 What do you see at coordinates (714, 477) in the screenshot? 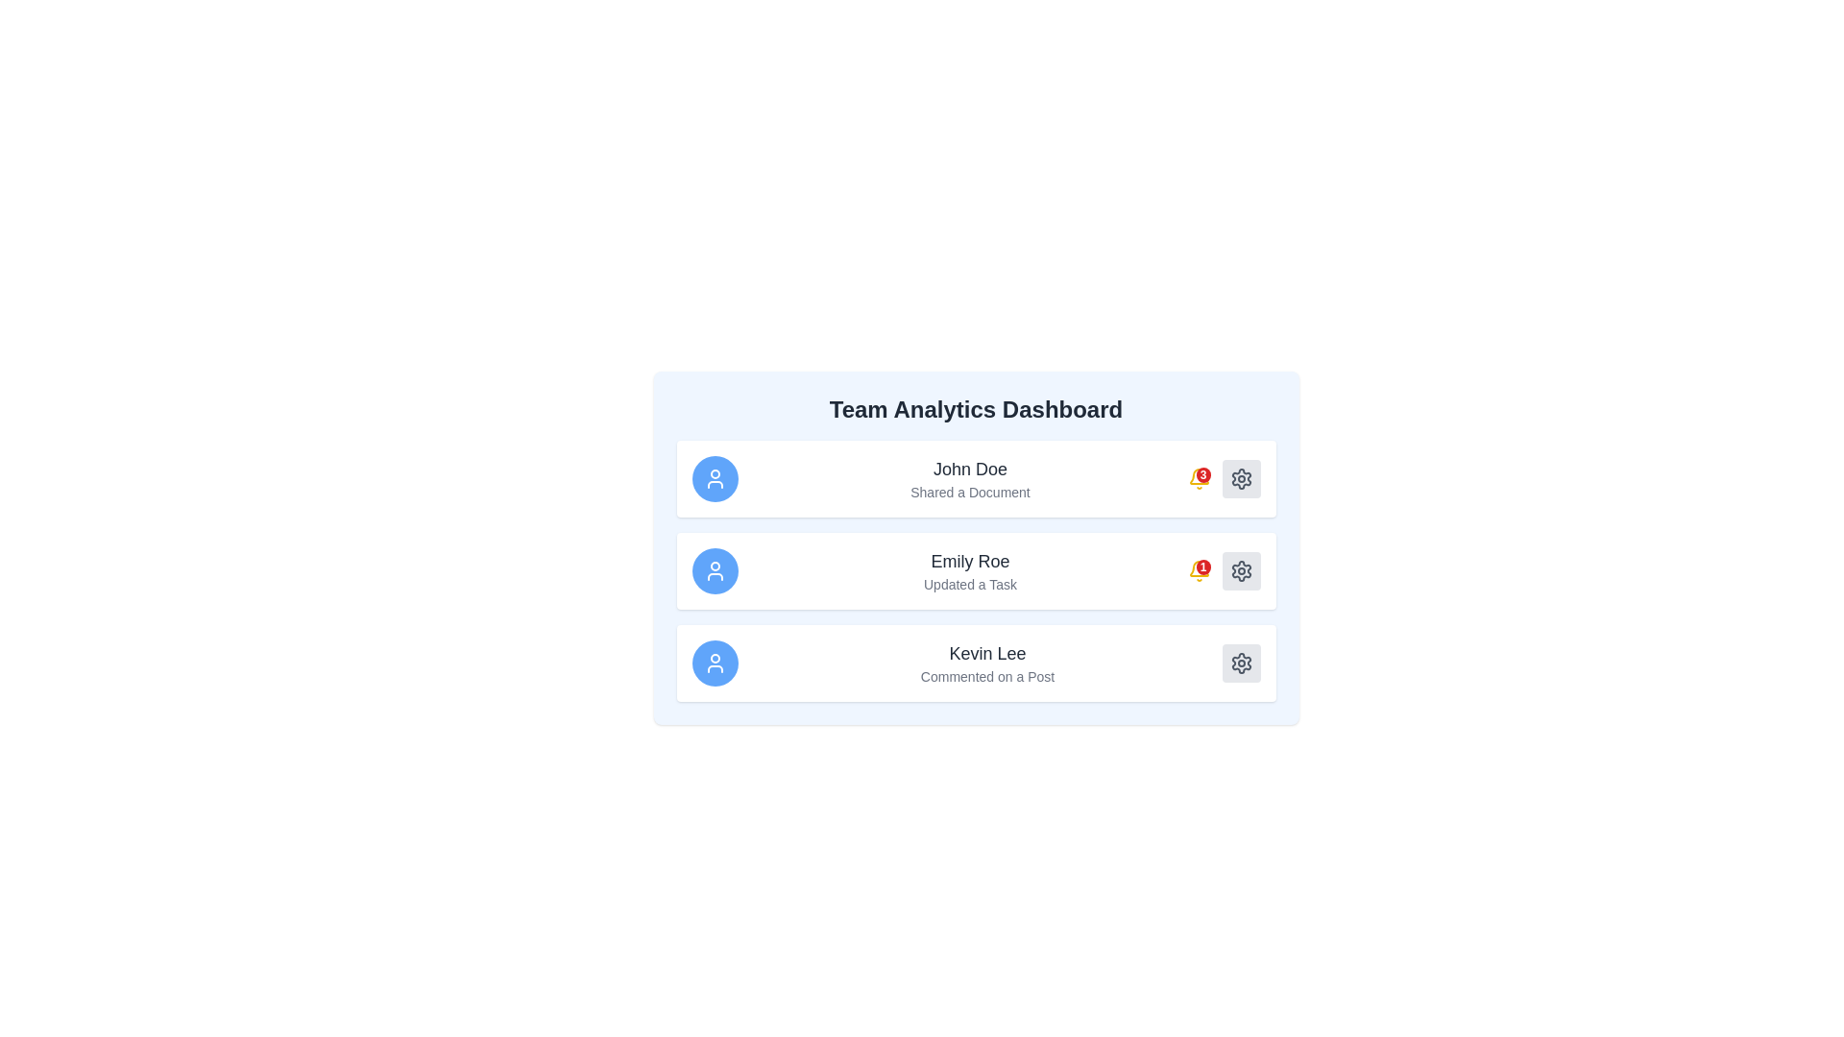
I see `the circular blue profile icon located on the far left of the first row in the user details list` at bounding box center [714, 477].